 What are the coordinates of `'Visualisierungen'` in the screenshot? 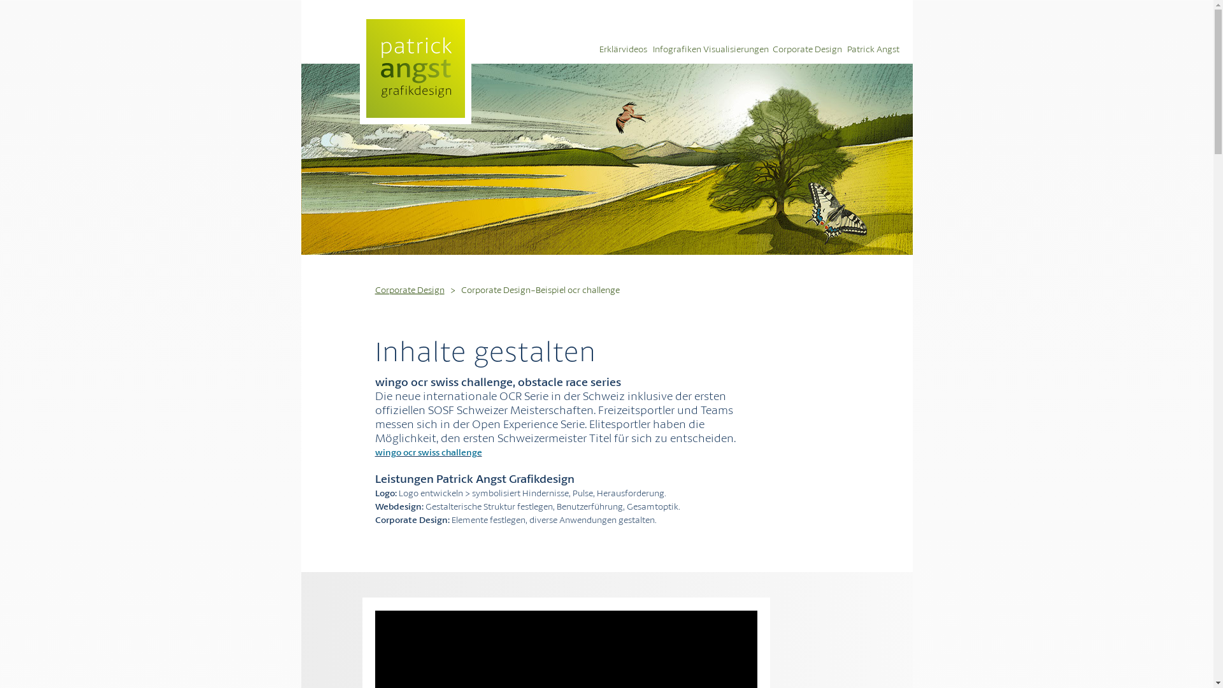 It's located at (737, 48).